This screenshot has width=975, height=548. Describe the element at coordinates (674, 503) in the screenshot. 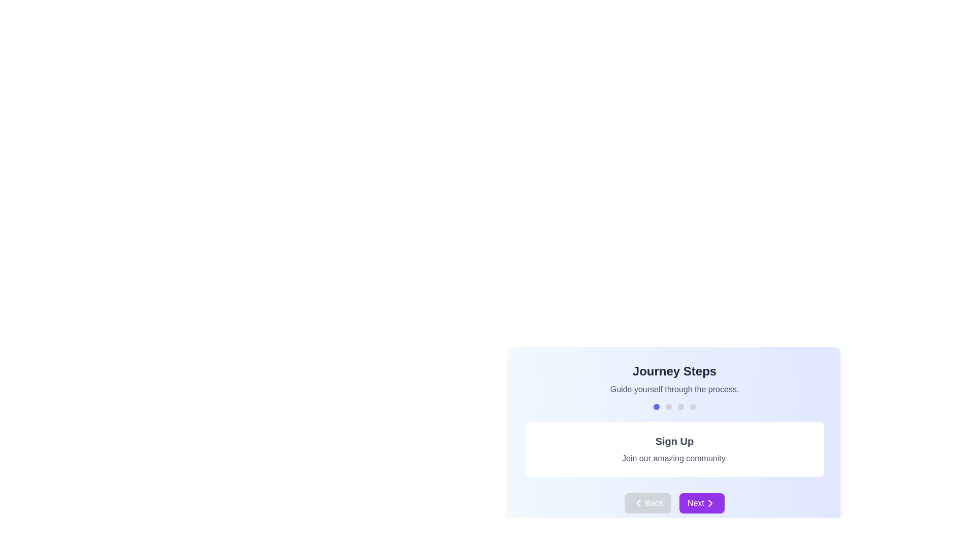

I see `the 'Back' button in the button group component to trigger visual feedback, indicating interactivity` at that location.